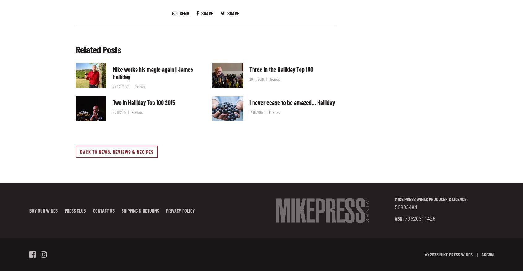 The width and height of the screenshot is (523, 271). I want to click on 'Contact Us', so click(104, 210).